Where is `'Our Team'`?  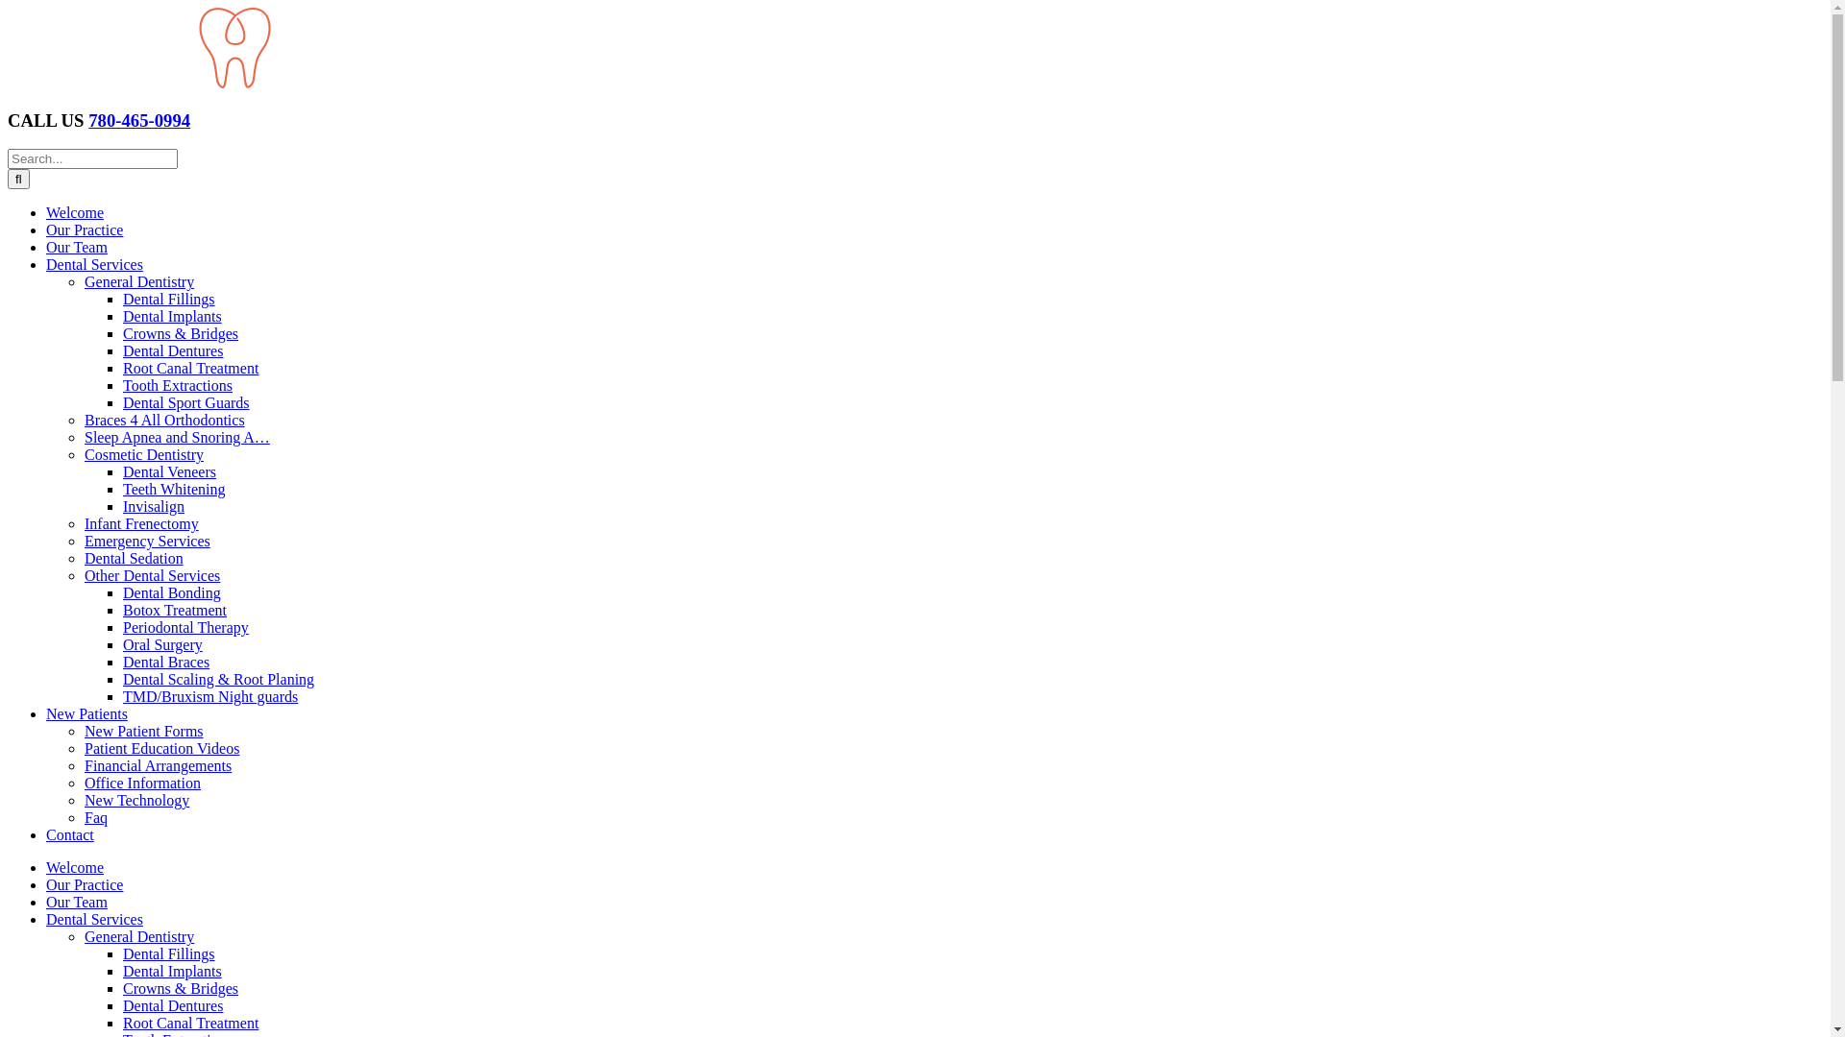 'Our Team' is located at coordinates (46, 246).